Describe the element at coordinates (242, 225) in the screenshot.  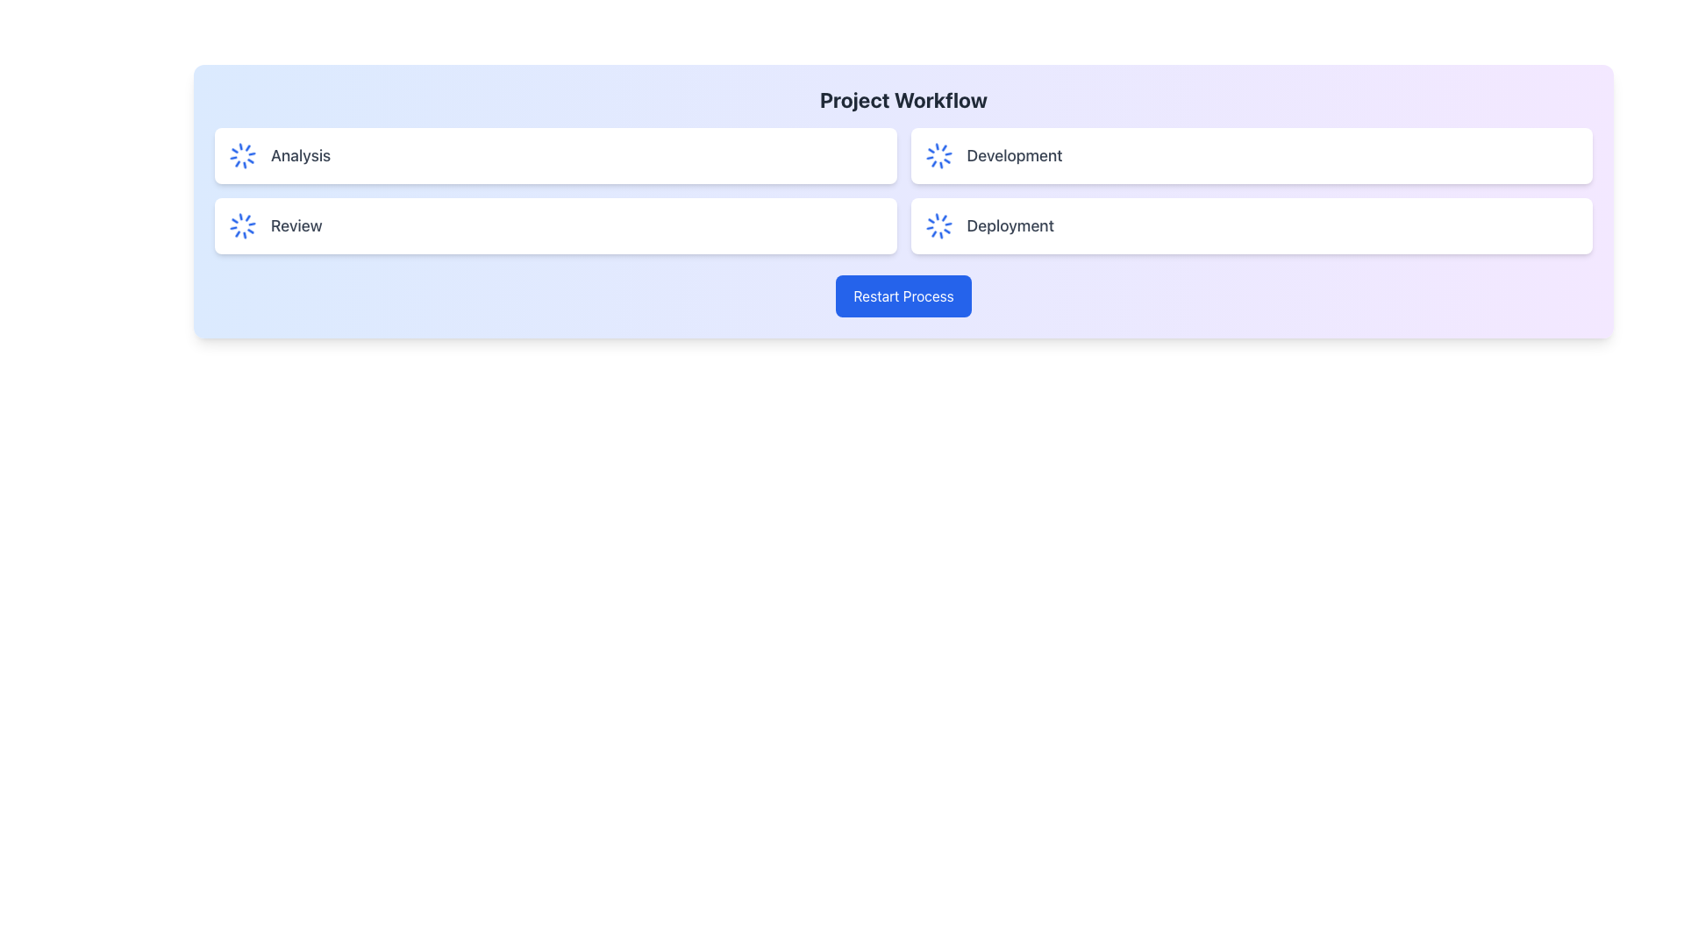
I see `the circular blue loading spinner located in the 'Review' section, positioned left of the text 'Review'` at that location.